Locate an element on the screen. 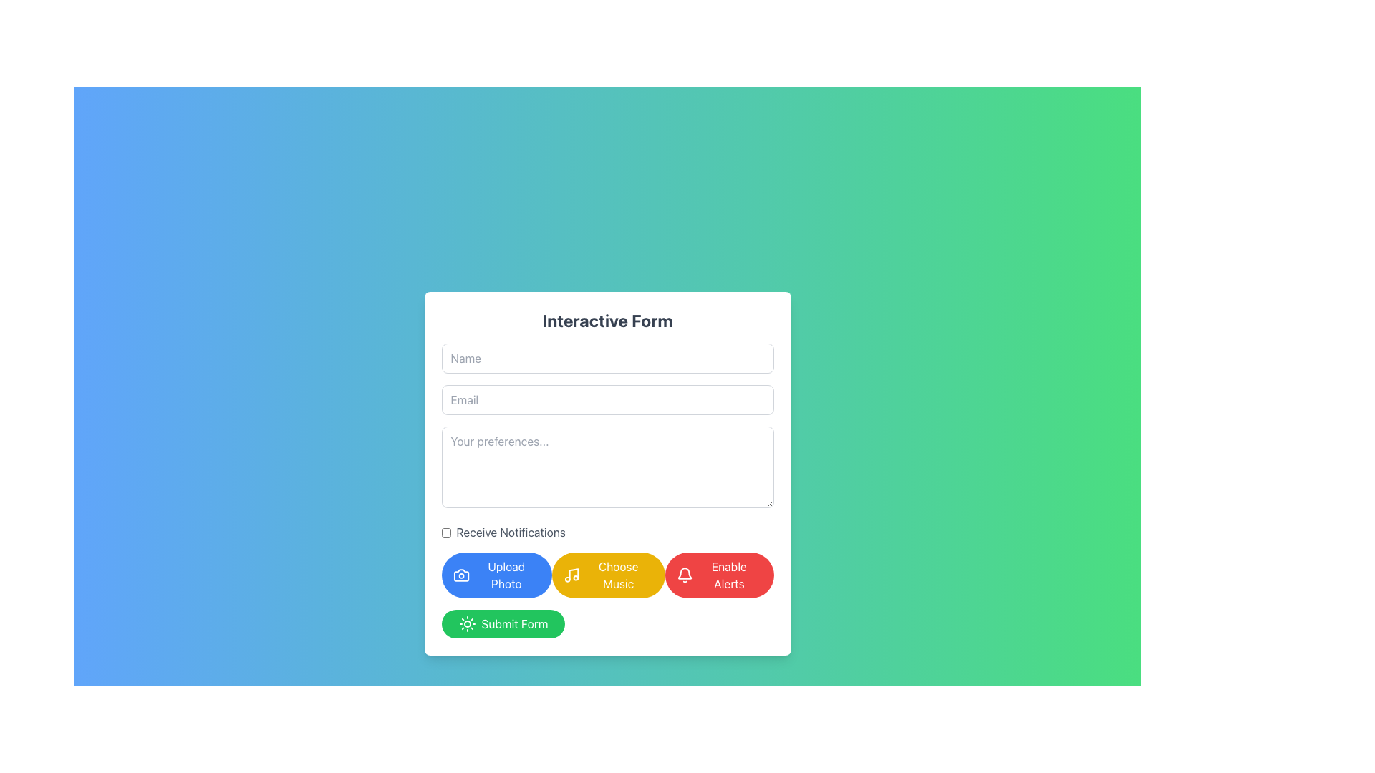 This screenshot has width=1375, height=773. the Text Label that indicates the action triggered by the submit button, which is visually distinct within a green rounded button at the bottom of the form is located at coordinates (515, 623).